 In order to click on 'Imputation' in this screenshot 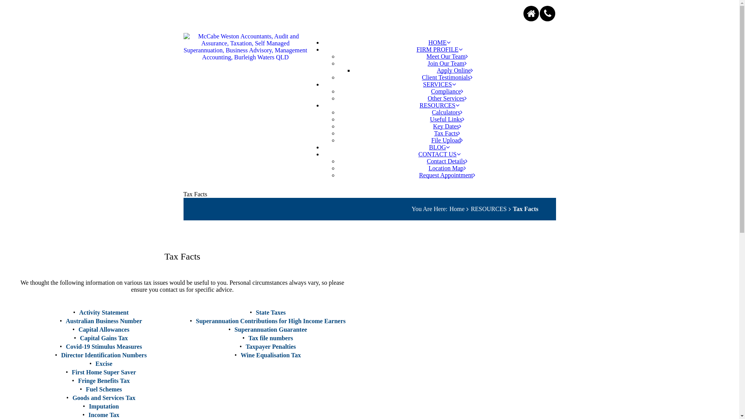, I will do `click(89, 406)`.